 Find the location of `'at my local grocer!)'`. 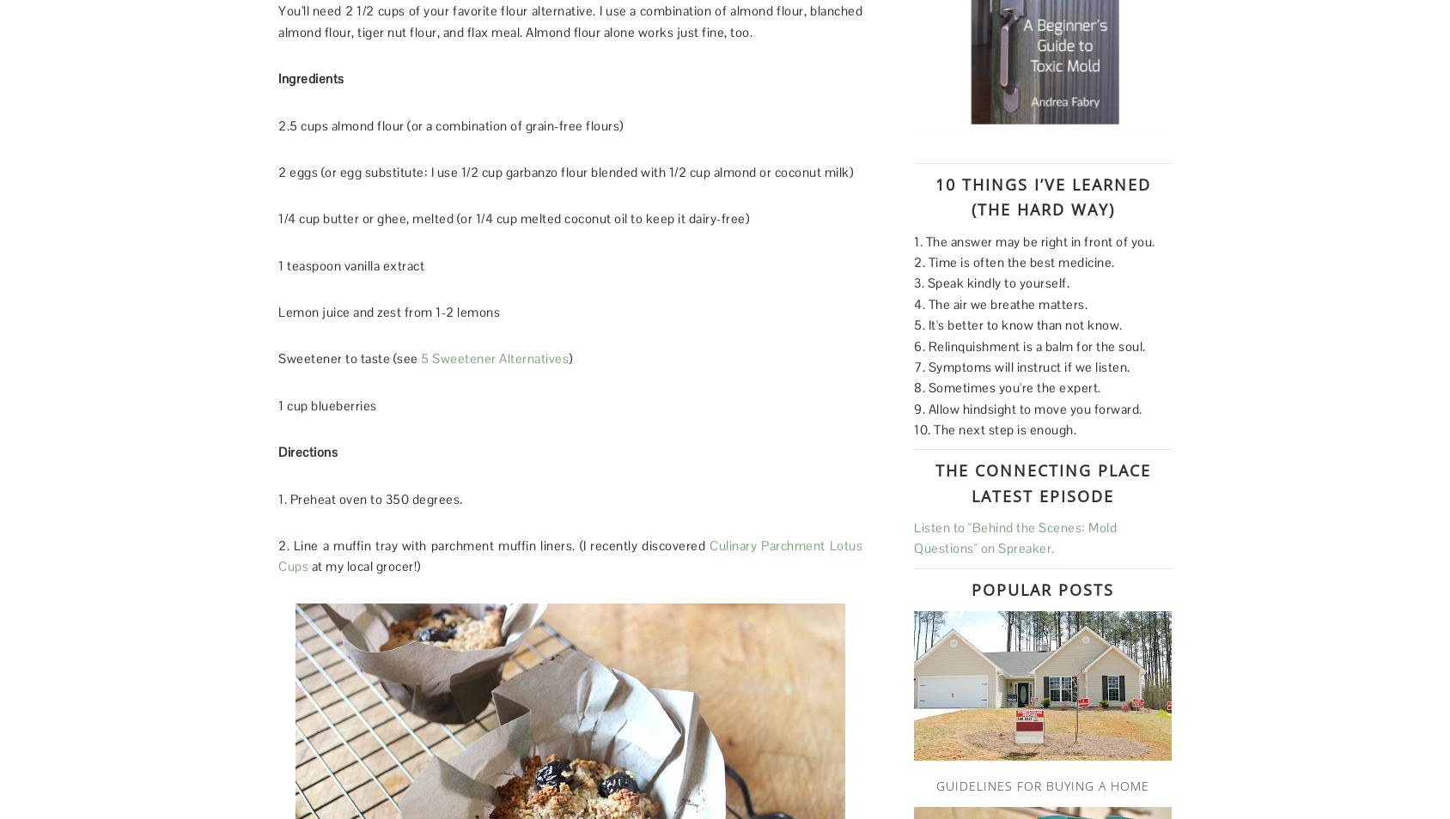

'at my local grocer!)' is located at coordinates (363, 565).